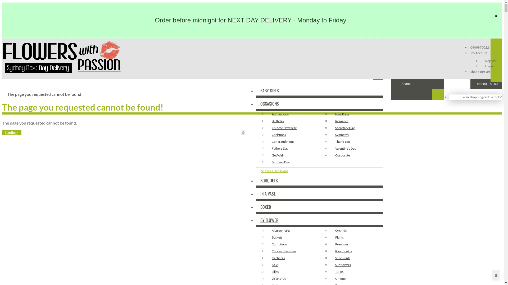 Image resolution: width=508 pixels, height=285 pixels. What do you see at coordinates (293, 278) in the screenshot?
I see `'Lisianthus'` at bounding box center [293, 278].